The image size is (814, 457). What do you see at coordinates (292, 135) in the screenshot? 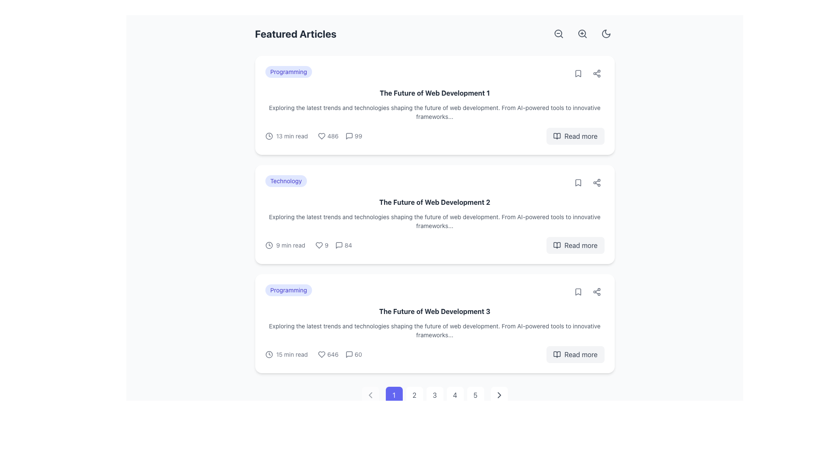
I see `text content of the estimated reading time label, which is located in the metadata row of the first article card, to the right of the clock icon` at bounding box center [292, 135].